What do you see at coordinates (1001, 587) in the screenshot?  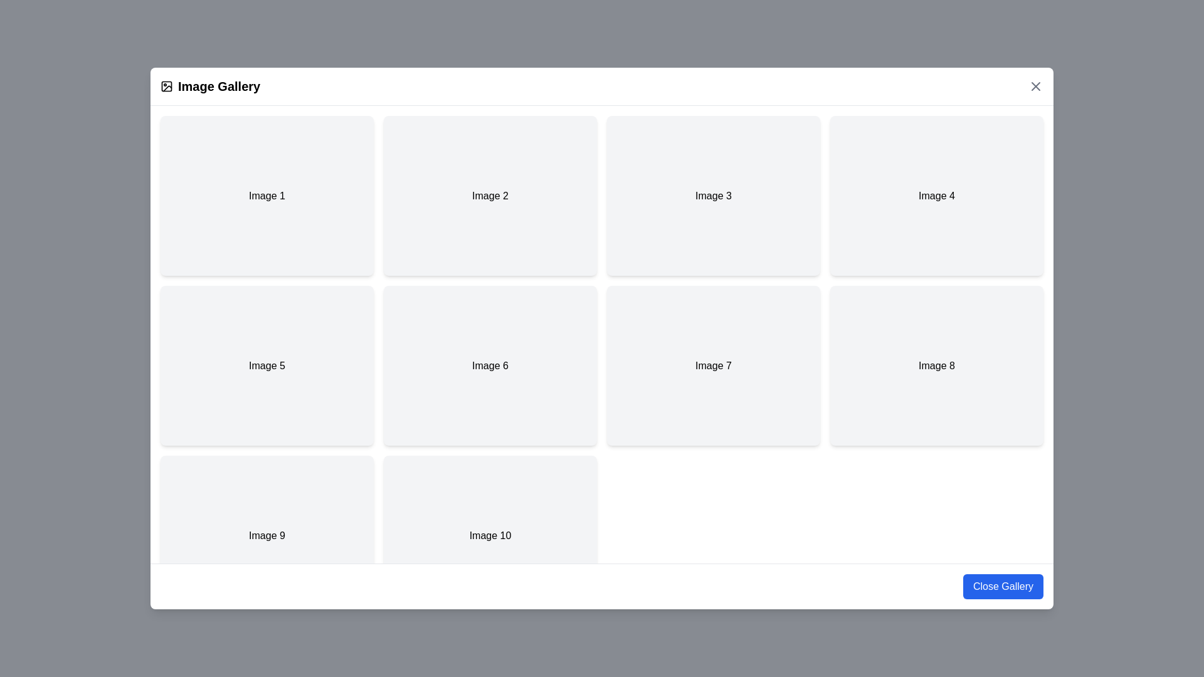 I see `the Close Gallery button to close the gallery` at bounding box center [1001, 587].